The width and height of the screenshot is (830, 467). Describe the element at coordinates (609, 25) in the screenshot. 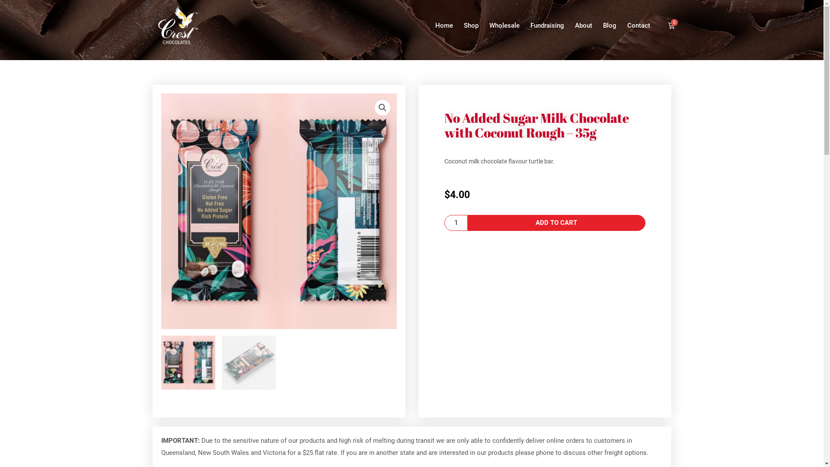

I see `'Blog'` at that location.